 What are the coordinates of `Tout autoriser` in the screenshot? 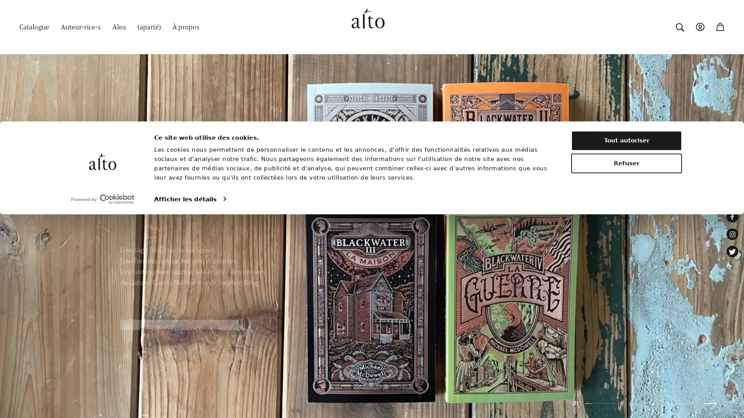 It's located at (627, 344).